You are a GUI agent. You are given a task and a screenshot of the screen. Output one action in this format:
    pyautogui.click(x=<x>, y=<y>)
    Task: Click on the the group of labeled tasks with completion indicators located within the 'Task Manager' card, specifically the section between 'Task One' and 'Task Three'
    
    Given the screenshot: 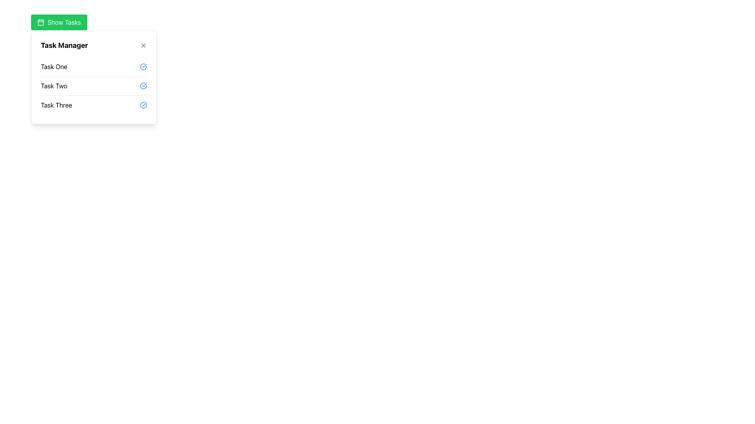 What is the action you would take?
    pyautogui.click(x=94, y=86)
    